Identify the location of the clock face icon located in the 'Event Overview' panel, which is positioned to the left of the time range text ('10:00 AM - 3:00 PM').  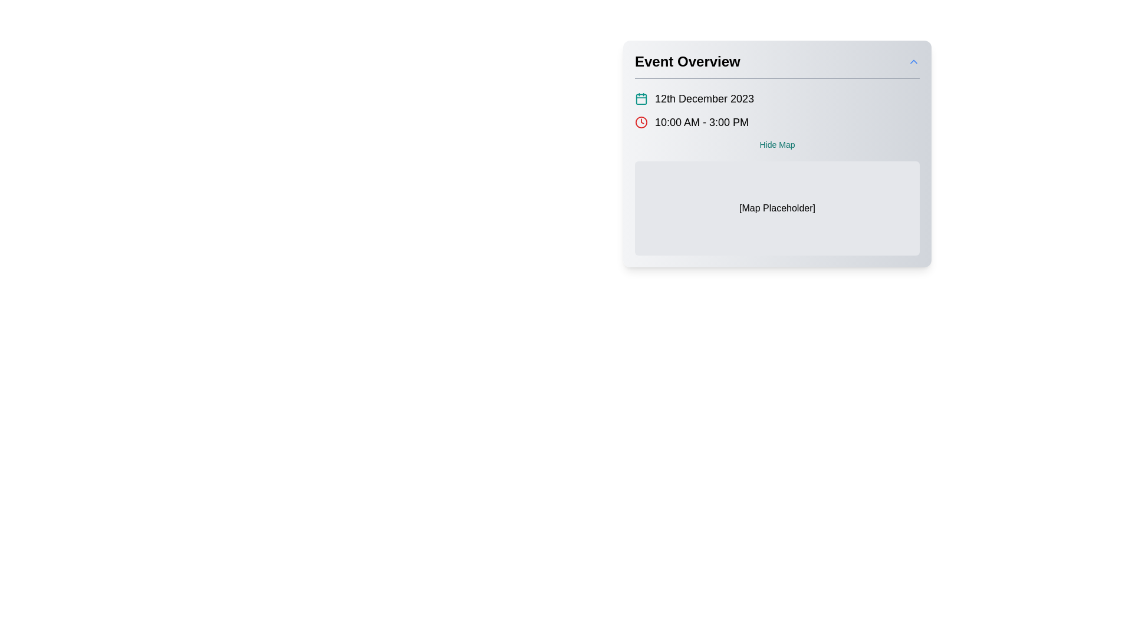
(641, 122).